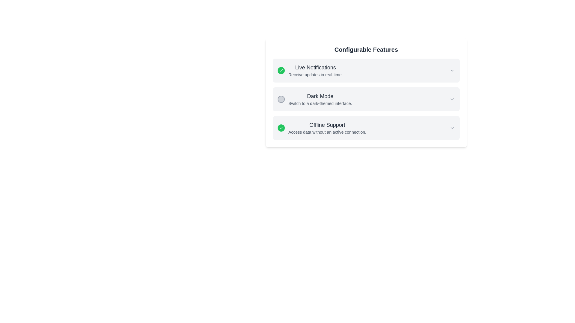 This screenshot has height=323, width=575. What do you see at coordinates (366, 99) in the screenshot?
I see `the second item in the 'Configurable Features' section` at bounding box center [366, 99].